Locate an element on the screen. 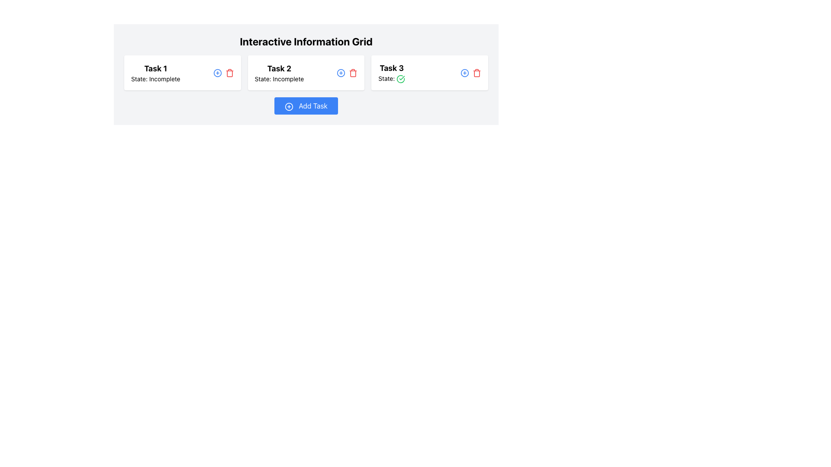  the text label component displaying 'Task 3', which is a bold, larger font indicating a task header, located in the top-right segment of the task grid is located at coordinates (391, 68).